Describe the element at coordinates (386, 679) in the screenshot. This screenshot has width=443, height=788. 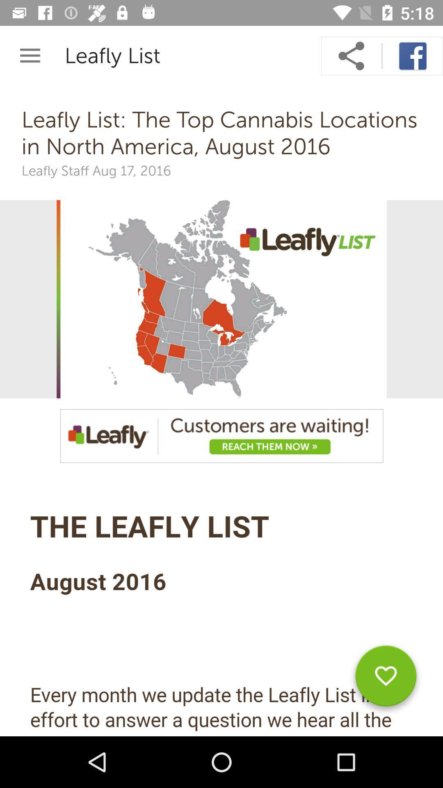
I see `to favorite` at that location.